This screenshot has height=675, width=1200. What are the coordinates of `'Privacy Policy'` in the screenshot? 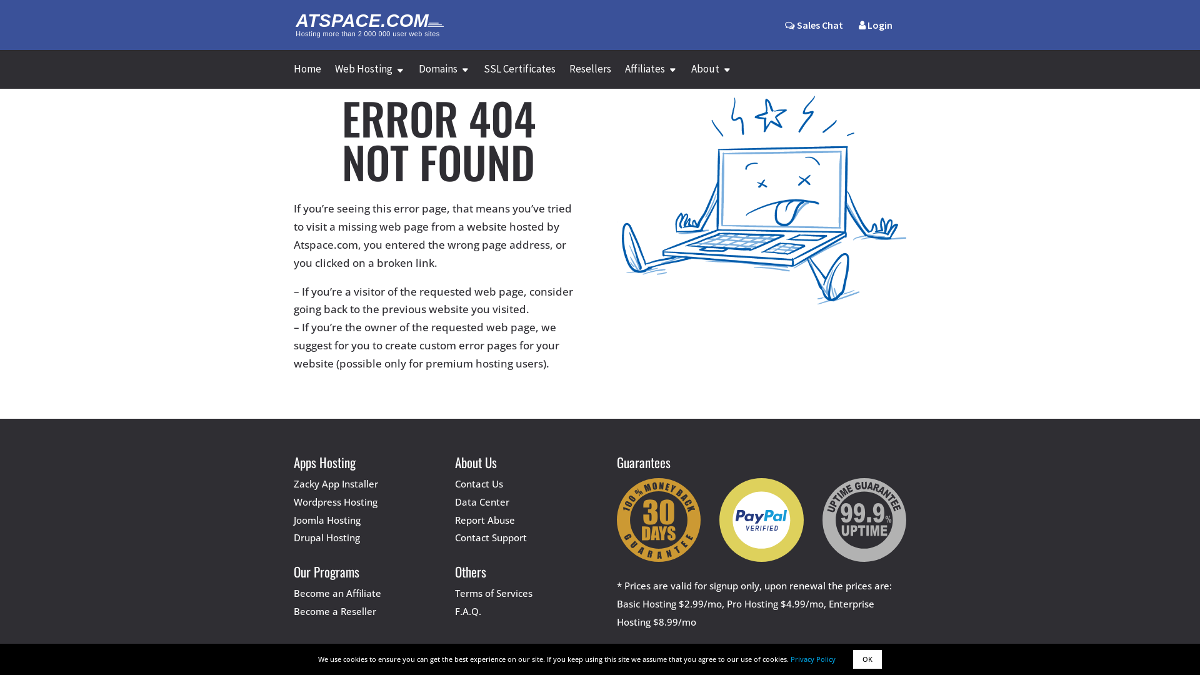 It's located at (812, 658).